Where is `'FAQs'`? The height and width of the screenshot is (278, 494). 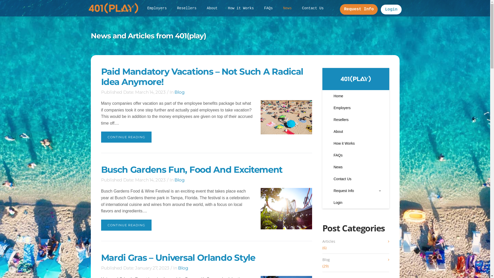 'FAQs' is located at coordinates (355, 155).